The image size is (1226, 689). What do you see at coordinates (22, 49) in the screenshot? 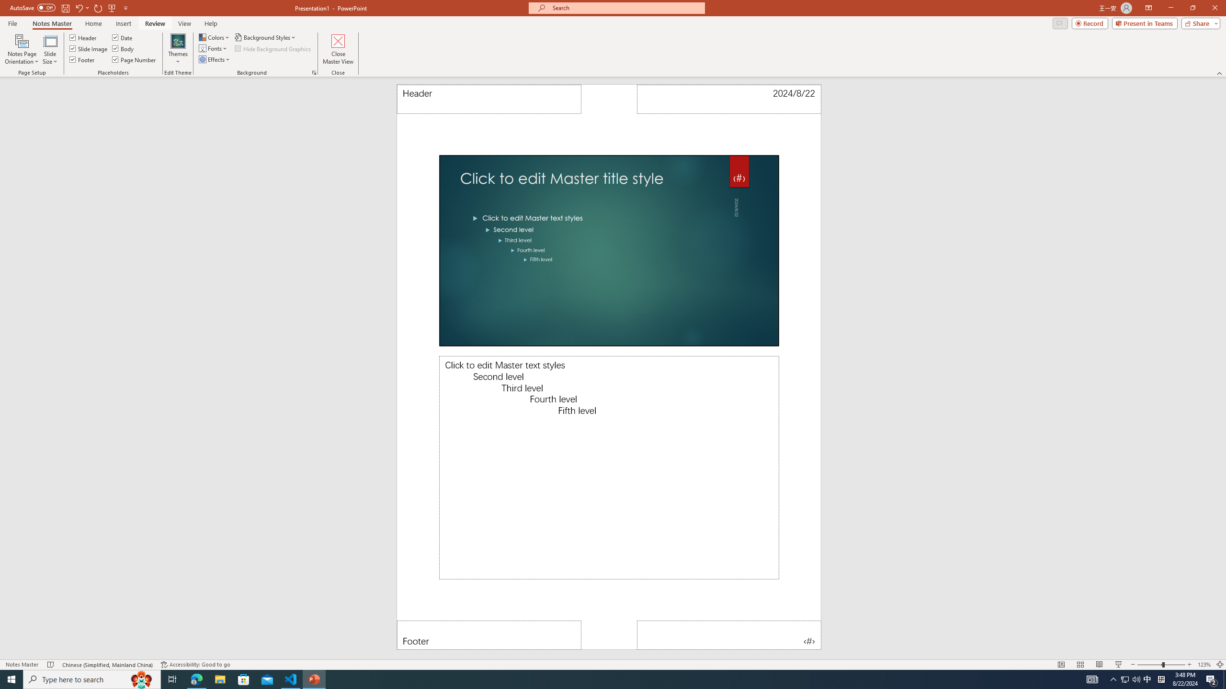
I see `'Notes Page Orientation'` at bounding box center [22, 49].